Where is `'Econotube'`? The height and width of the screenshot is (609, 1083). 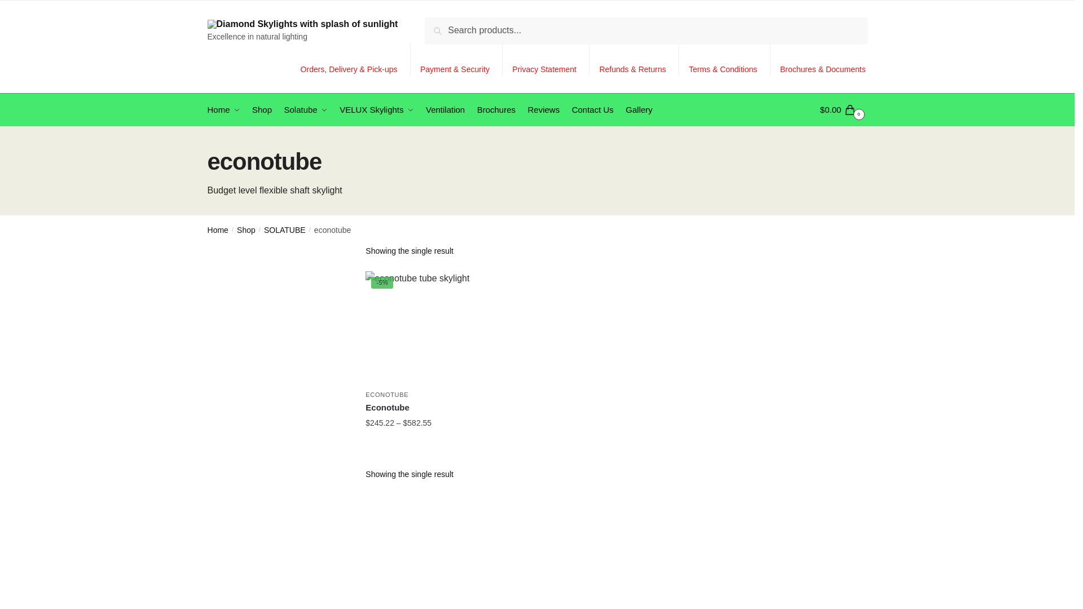
'Econotube' is located at coordinates (421, 407).